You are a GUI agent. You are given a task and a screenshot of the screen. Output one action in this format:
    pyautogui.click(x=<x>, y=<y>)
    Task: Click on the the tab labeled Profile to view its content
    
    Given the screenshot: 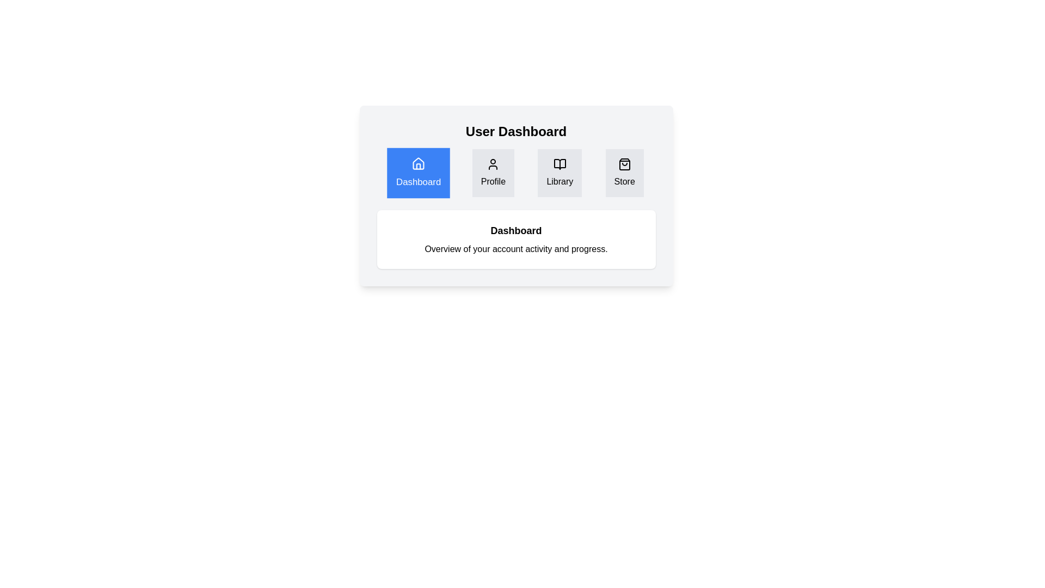 What is the action you would take?
    pyautogui.click(x=493, y=172)
    